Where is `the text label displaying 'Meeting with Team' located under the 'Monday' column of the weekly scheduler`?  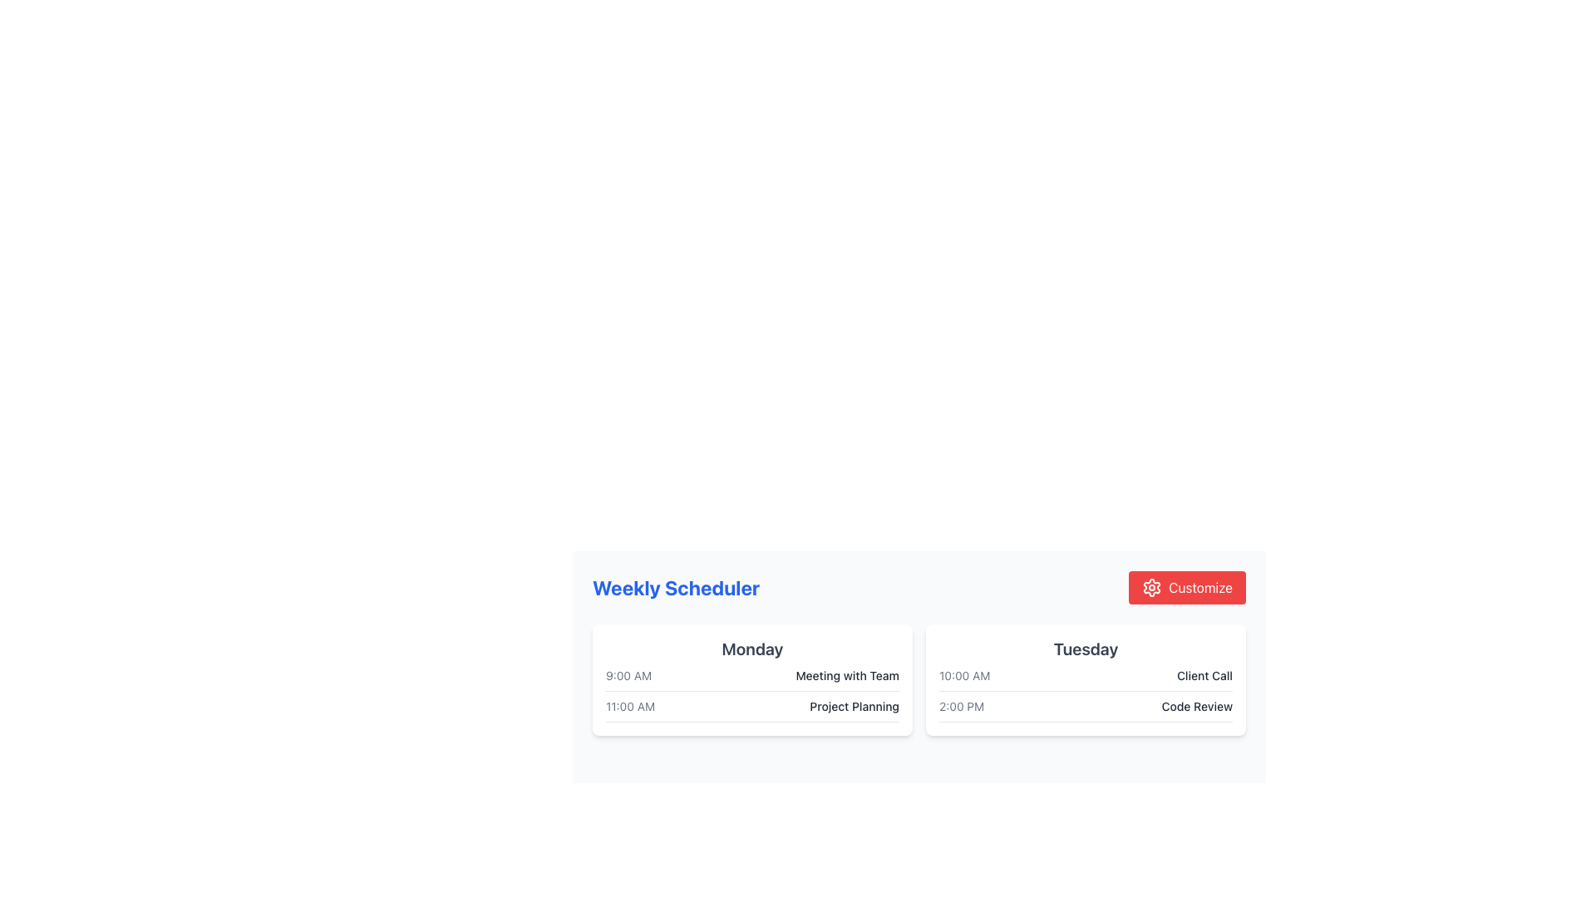
the text label displaying 'Meeting with Team' located under the 'Monday' column of the weekly scheduler is located at coordinates (847, 676).